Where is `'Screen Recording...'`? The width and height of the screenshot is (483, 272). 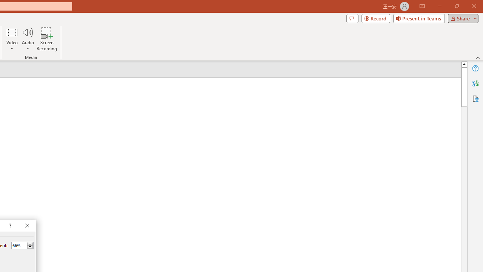
'Screen Recording...' is located at coordinates (46, 39).